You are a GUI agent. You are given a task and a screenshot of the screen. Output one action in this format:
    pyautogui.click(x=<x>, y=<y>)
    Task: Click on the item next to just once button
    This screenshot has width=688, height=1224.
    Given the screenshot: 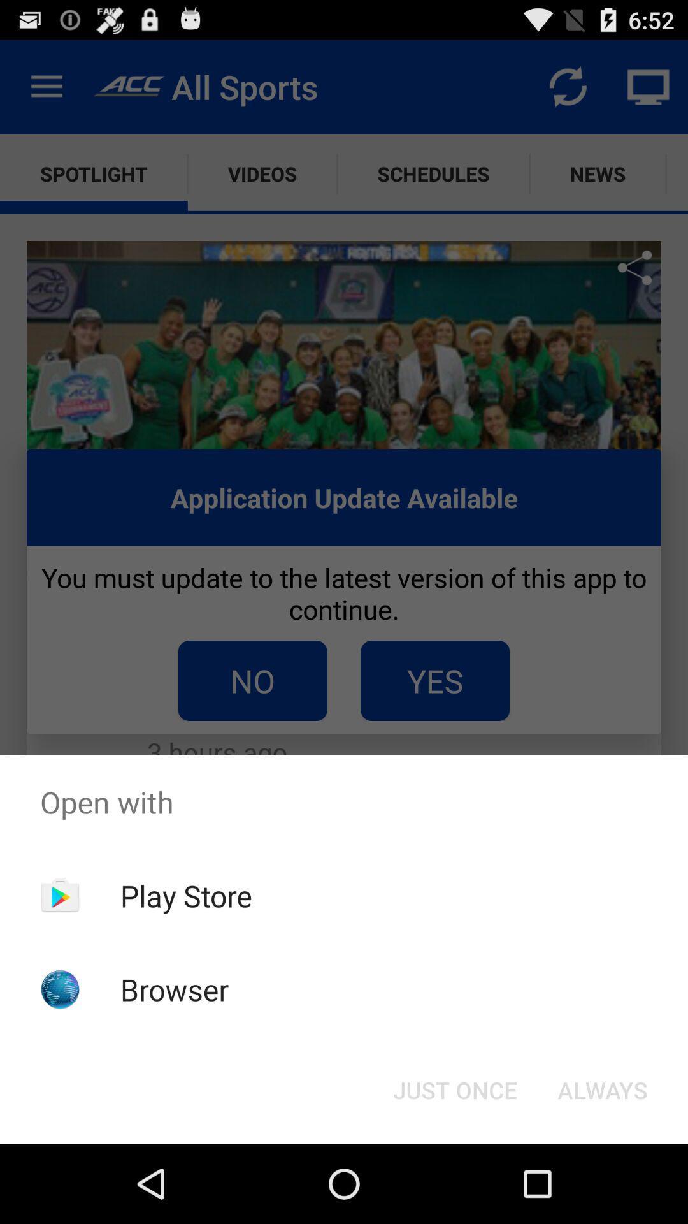 What is the action you would take?
    pyautogui.click(x=602, y=1089)
    